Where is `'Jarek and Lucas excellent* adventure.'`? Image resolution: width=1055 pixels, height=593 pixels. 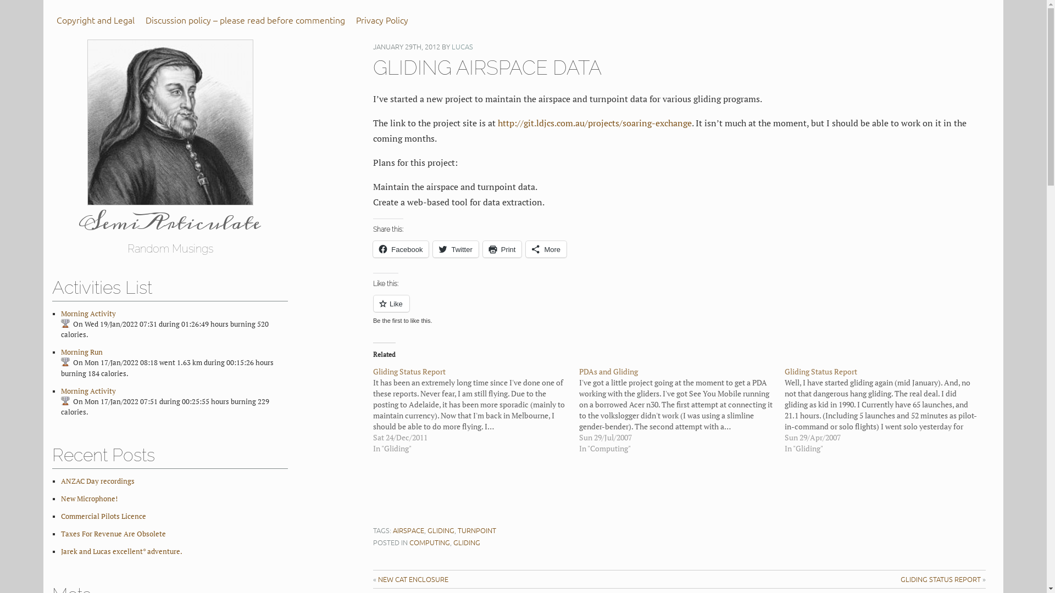 'Jarek and Lucas excellent* adventure.' is located at coordinates (60, 551).